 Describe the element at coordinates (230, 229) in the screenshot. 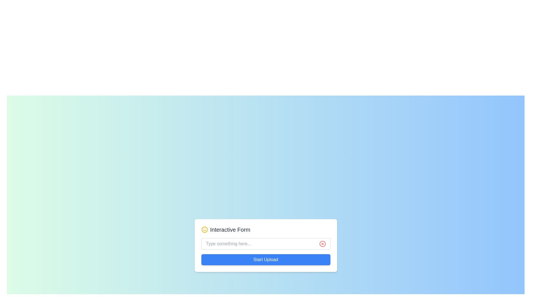

I see `text label that says 'Interactive Form', which is styled with a larger font size and bolded text in dark gray, located within a user interface card component` at that location.